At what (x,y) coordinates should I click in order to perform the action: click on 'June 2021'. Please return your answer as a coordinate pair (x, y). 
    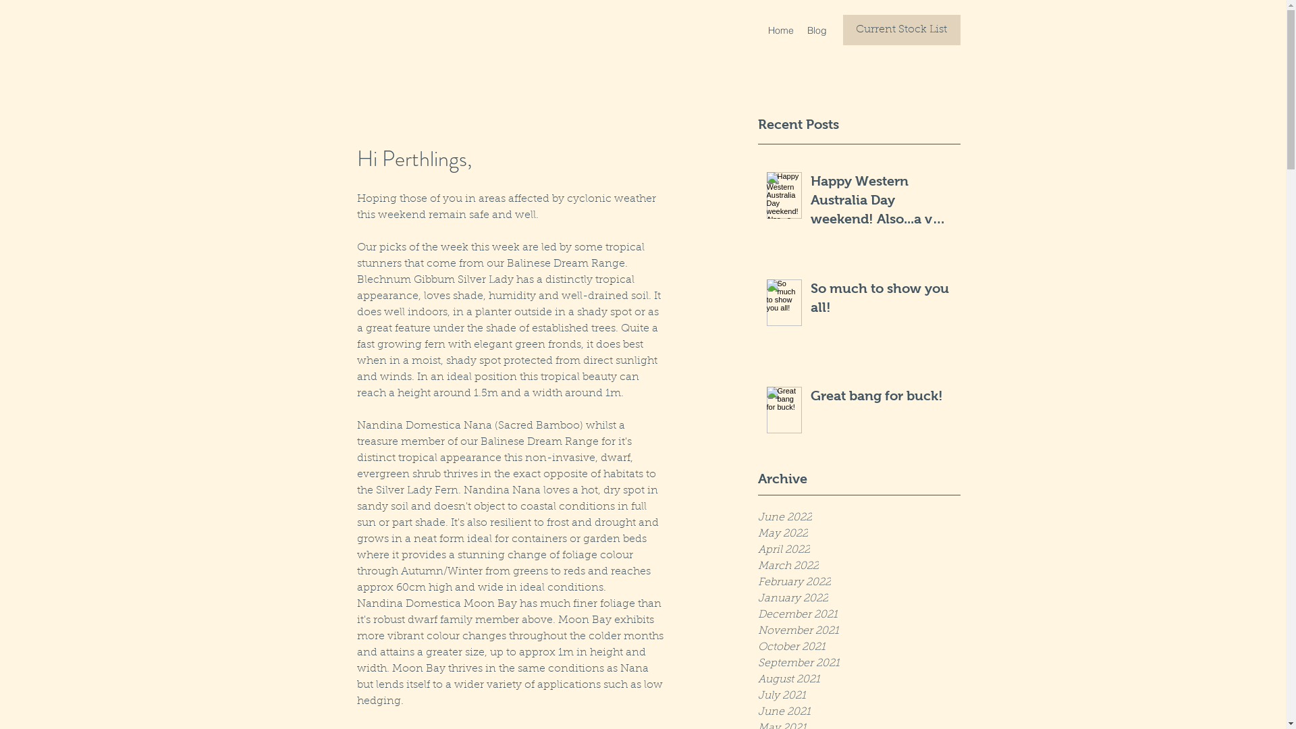
    Looking at the image, I should click on (757, 711).